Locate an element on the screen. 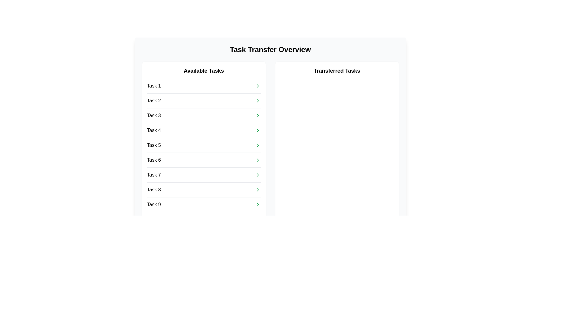 This screenshot has width=581, height=327. the fifth row in the 'Available Tasks' list, which corresponds to 'Task 5' is located at coordinates (204, 145).